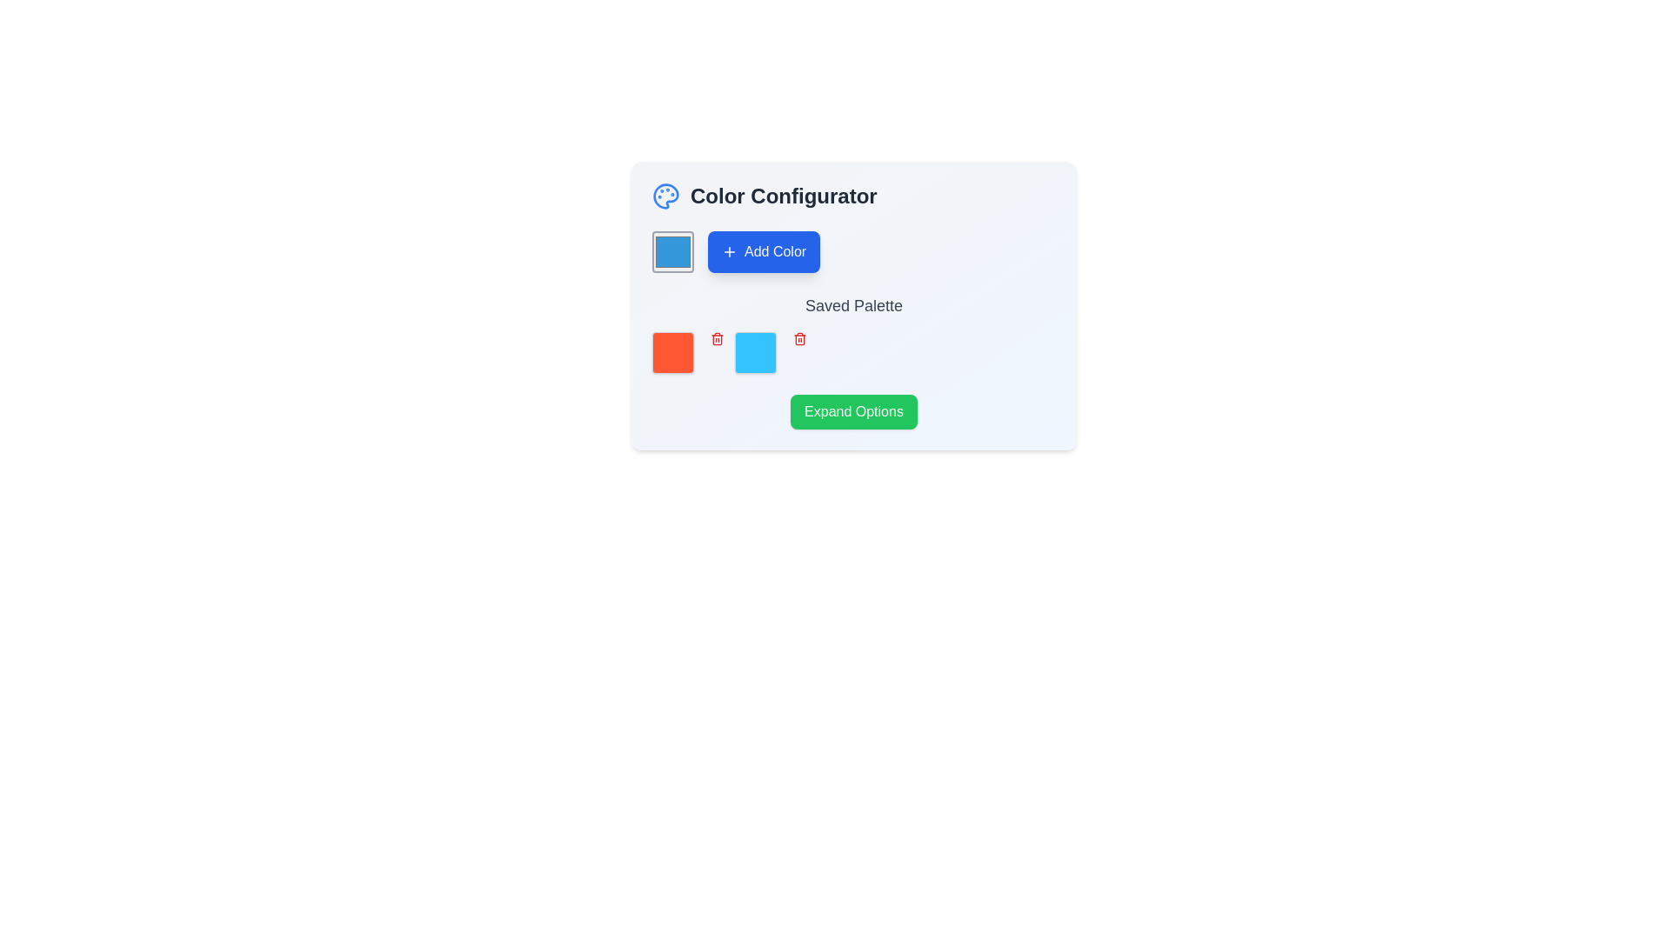 This screenshot has width=1670, height=939. I want to click on the delete button in the top-right corner of the blue square color sample in the 'Saved Palette' section, so click(799, 338).